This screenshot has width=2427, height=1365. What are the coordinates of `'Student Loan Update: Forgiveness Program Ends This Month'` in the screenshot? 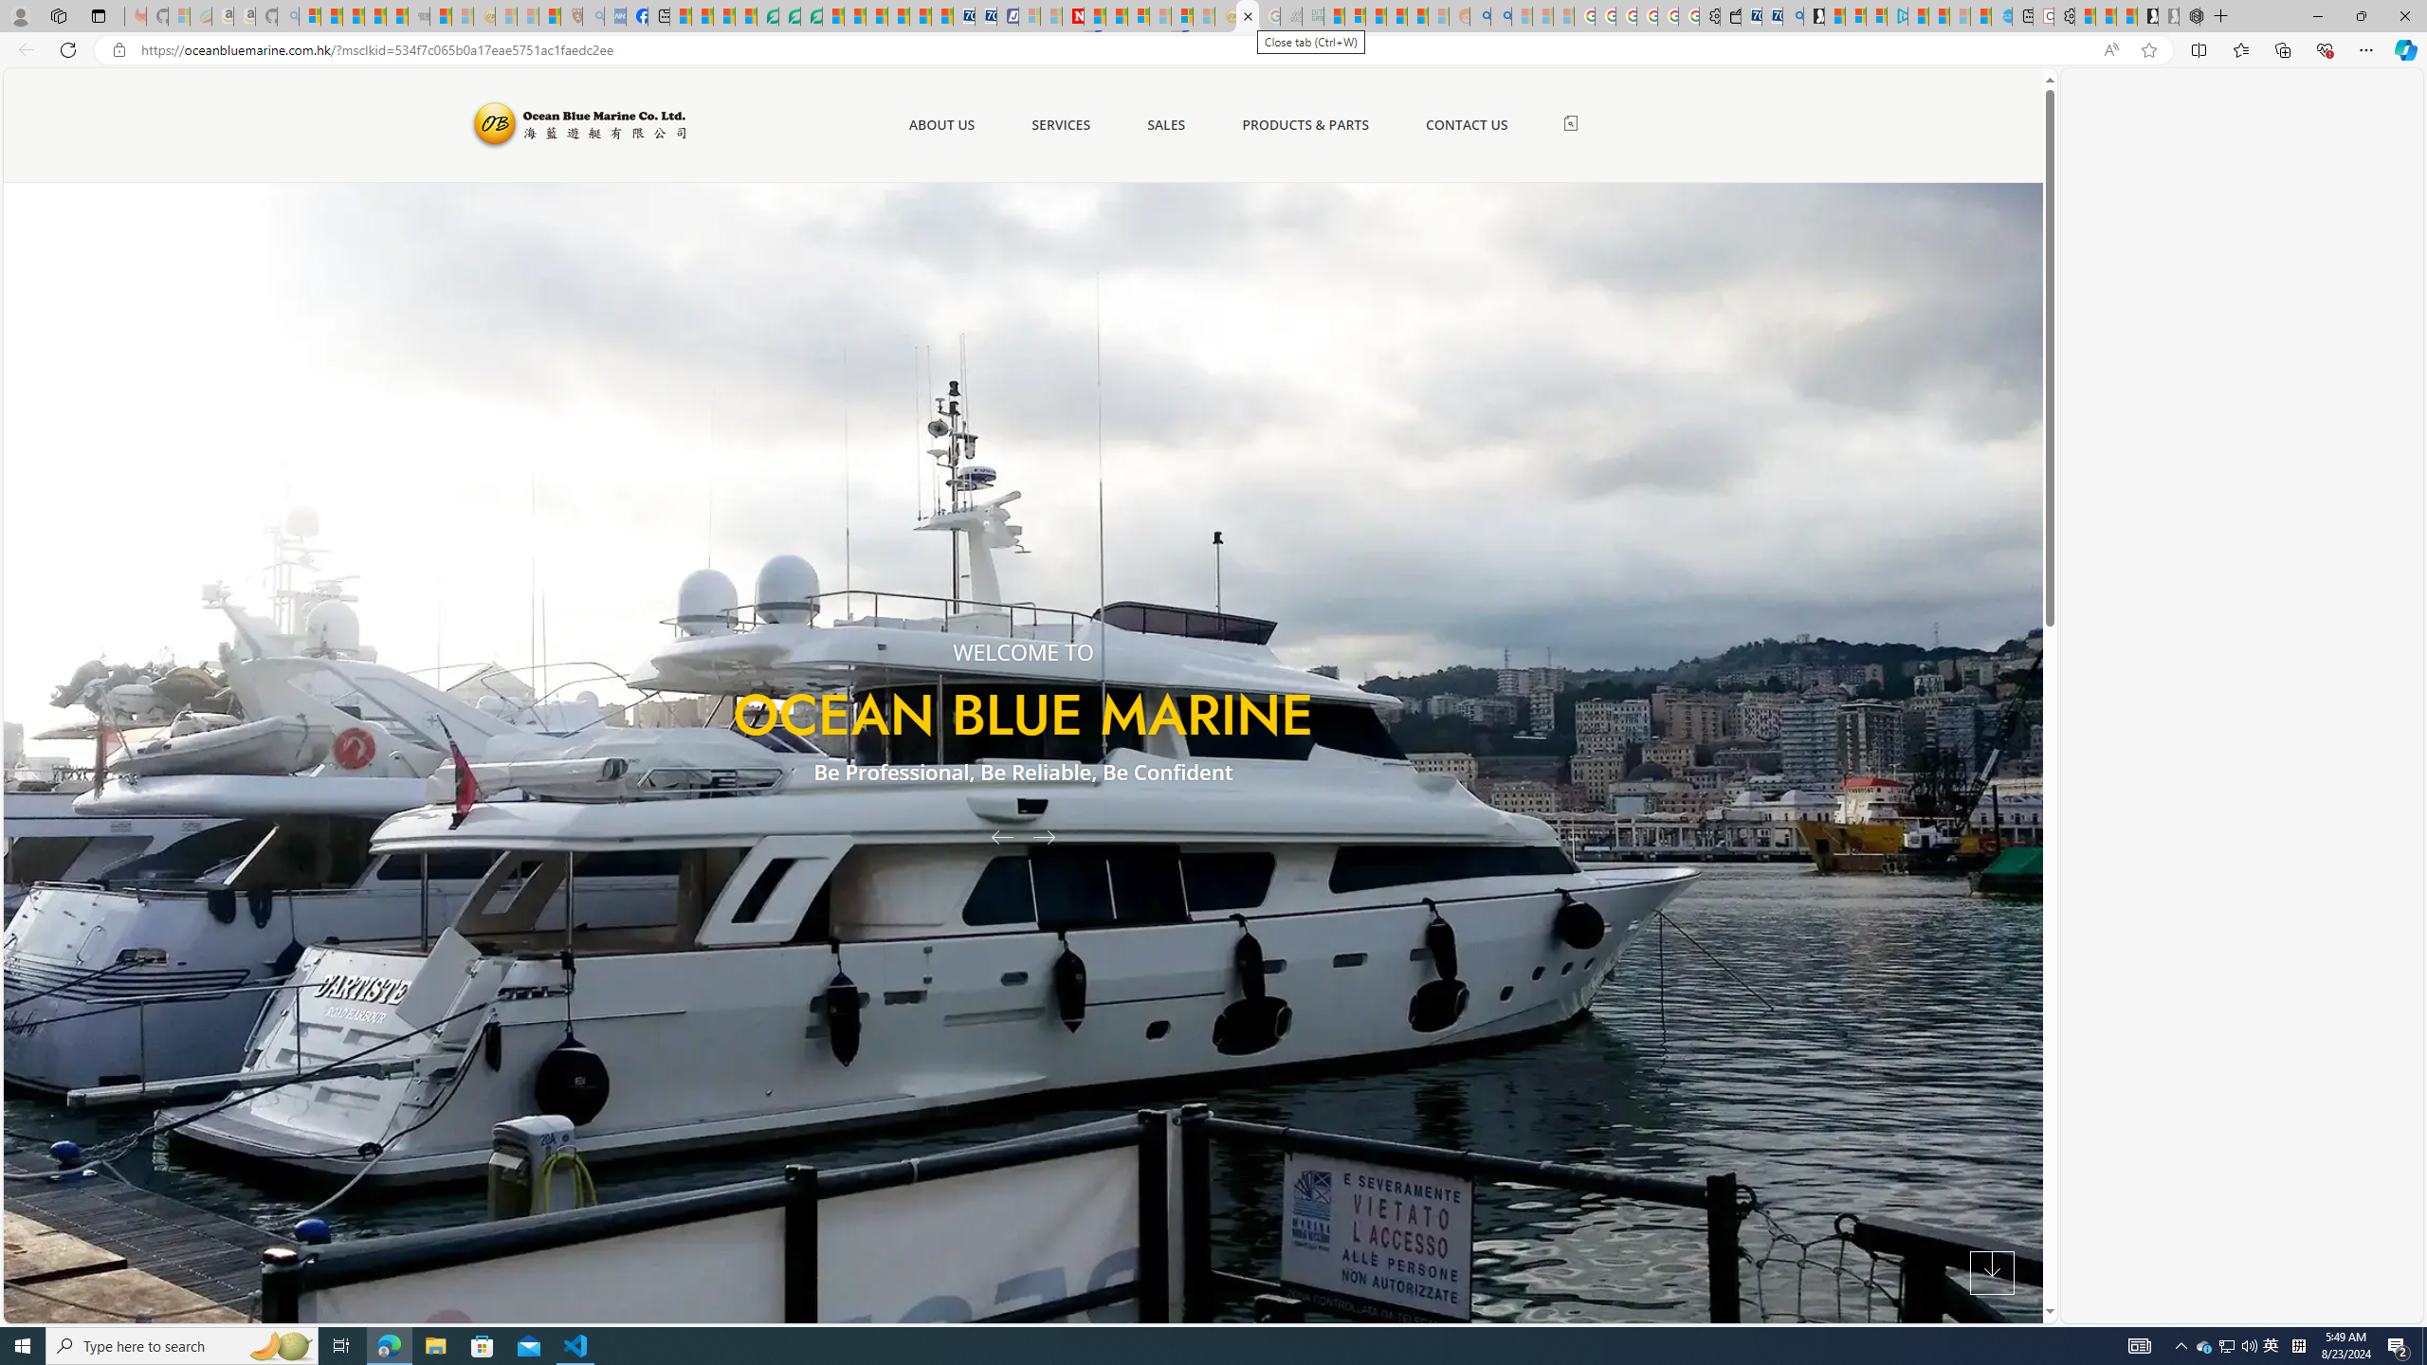 It's located at (1418, 15).